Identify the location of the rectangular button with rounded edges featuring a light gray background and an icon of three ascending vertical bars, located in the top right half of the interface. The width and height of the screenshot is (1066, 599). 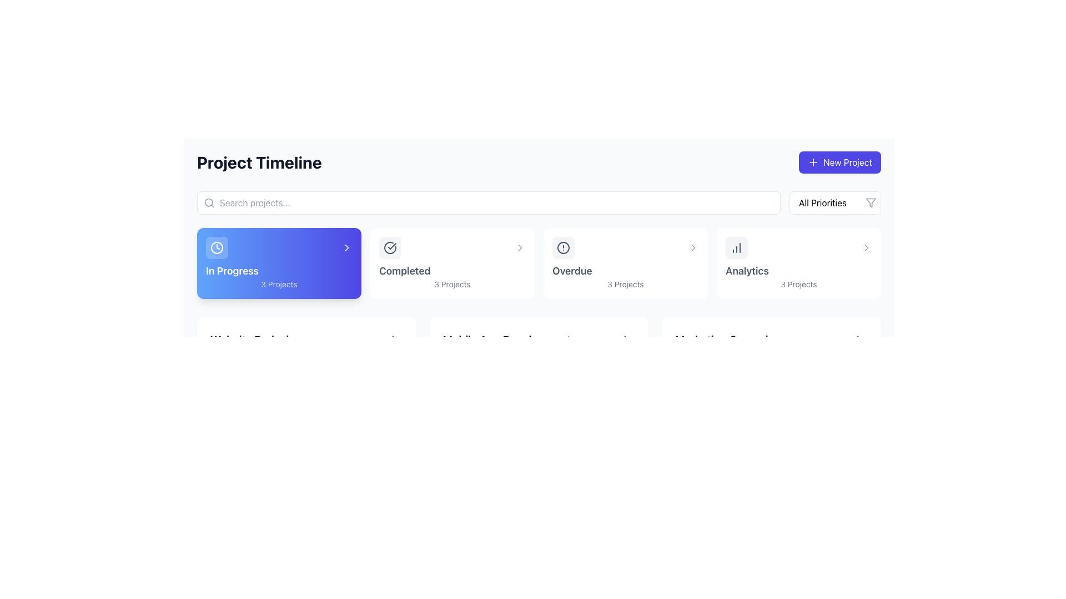
(736, 247).